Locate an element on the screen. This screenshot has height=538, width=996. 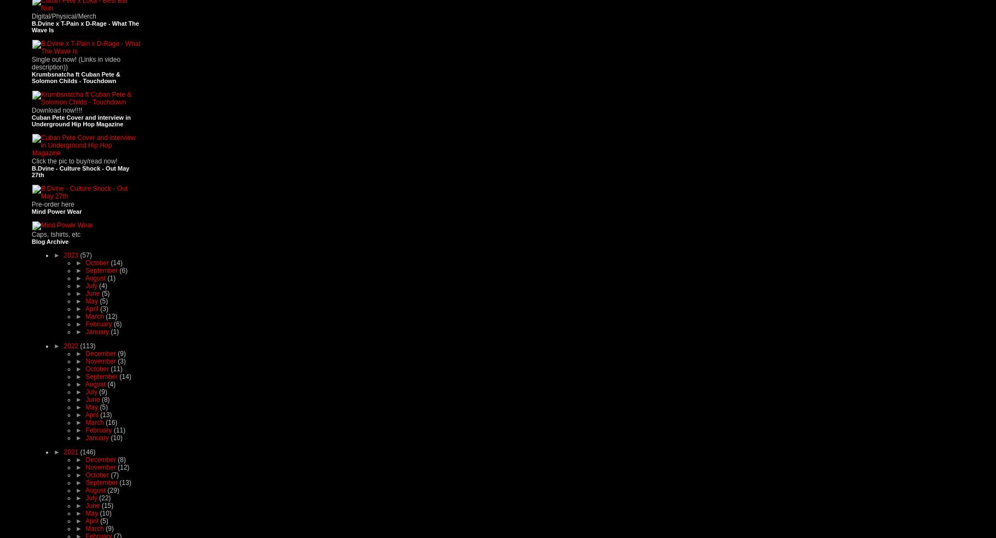
'(15)' is located at coordinates (107, 505).